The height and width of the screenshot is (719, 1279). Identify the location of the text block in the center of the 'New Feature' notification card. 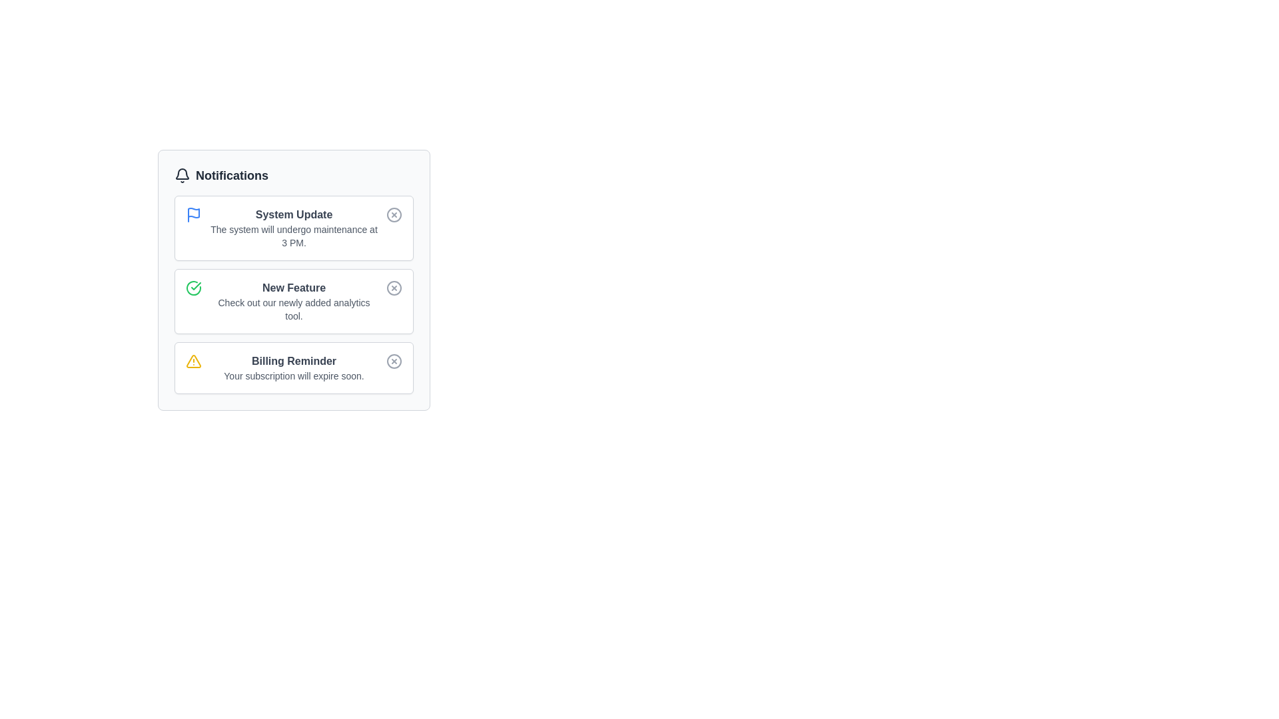
(293, 301).